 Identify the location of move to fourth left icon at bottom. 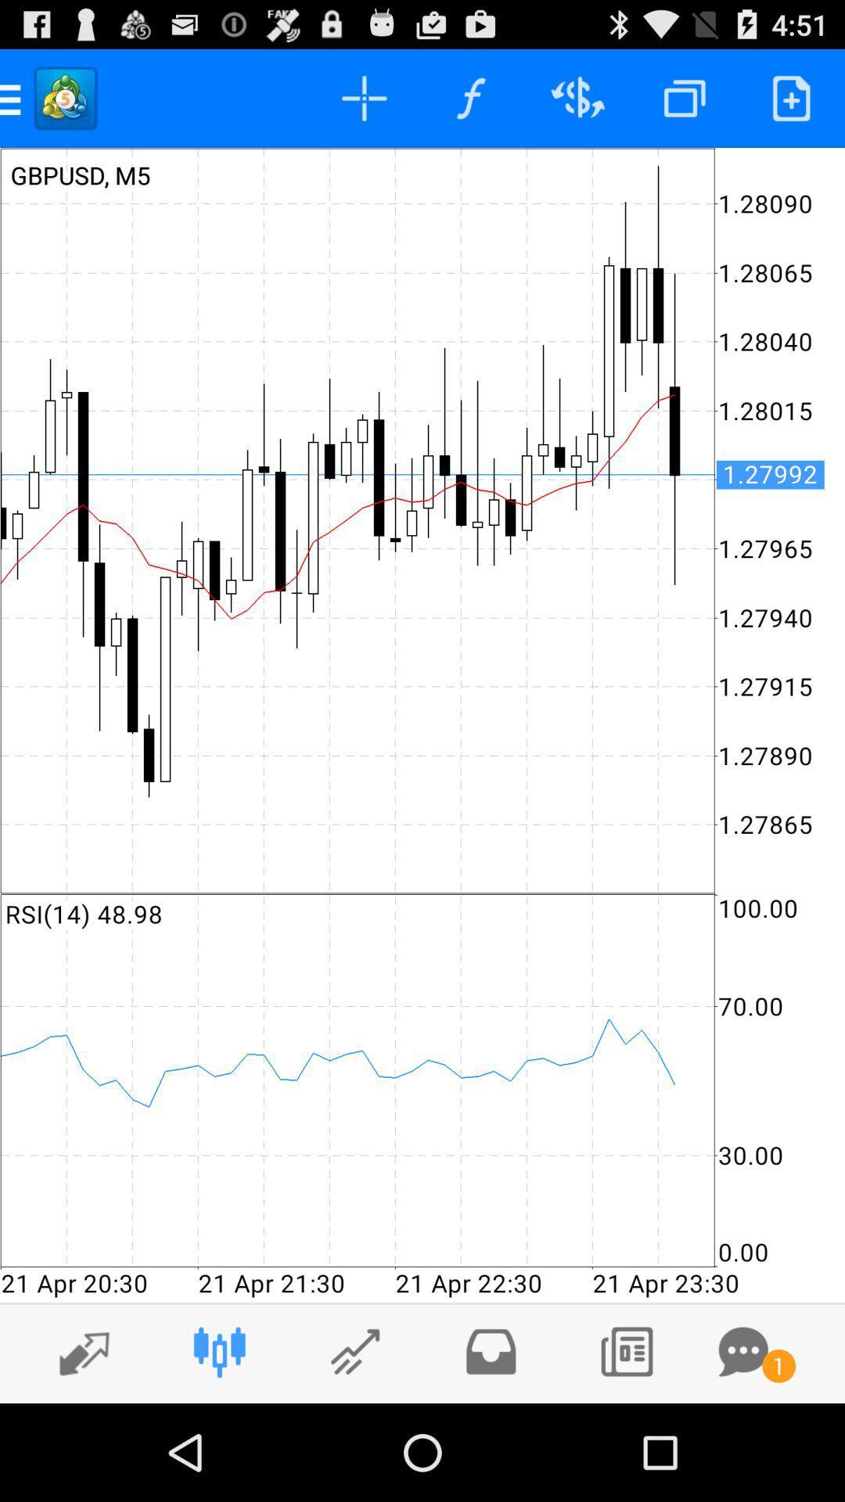
(490, 1351).